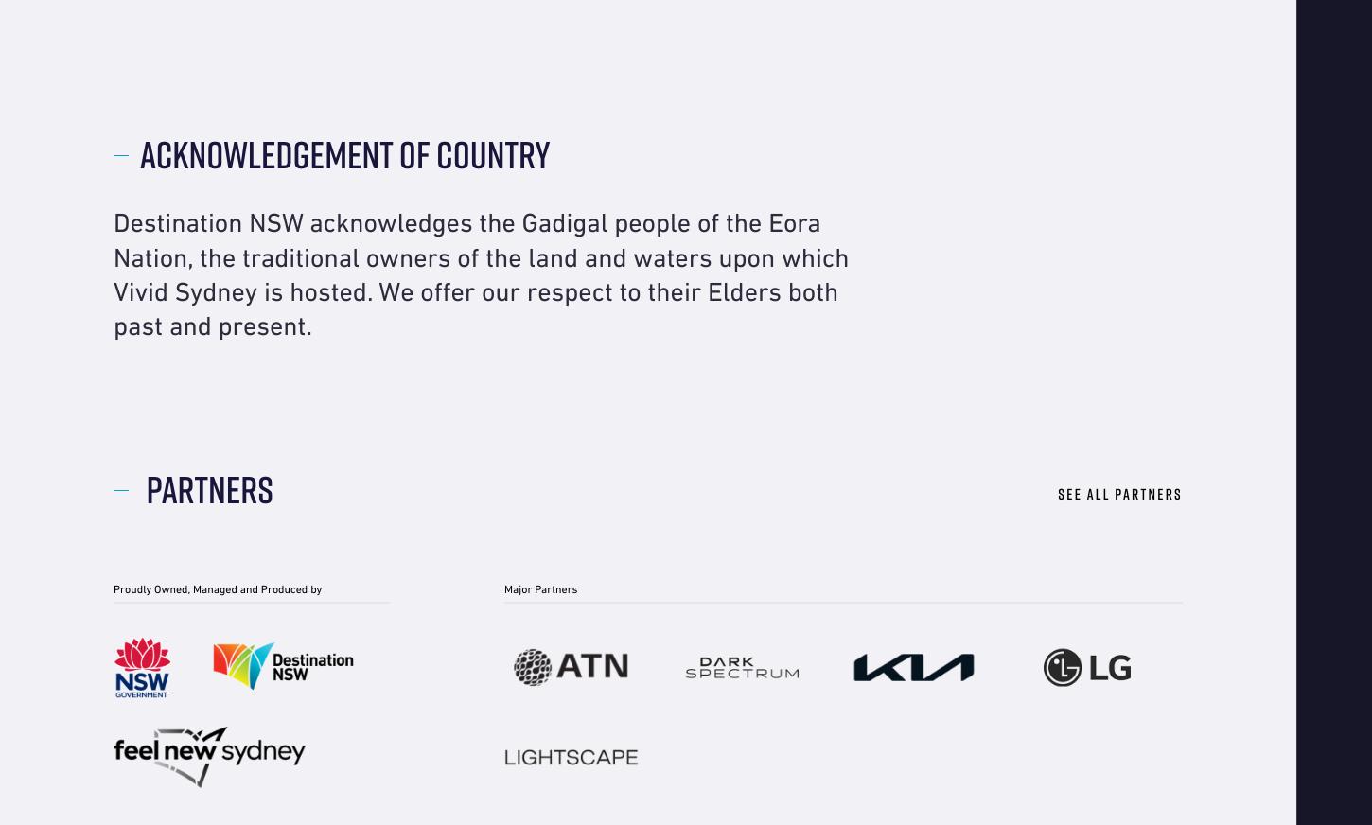 This screenshot has height=825, width=1372. What do you see at coordinates (1019, 41) in the screenshot?
I see `'We’ll keep you in the loop on the hottest acts, and ticket information. Don’t miss out.'` at bounding box center [1019, 41].